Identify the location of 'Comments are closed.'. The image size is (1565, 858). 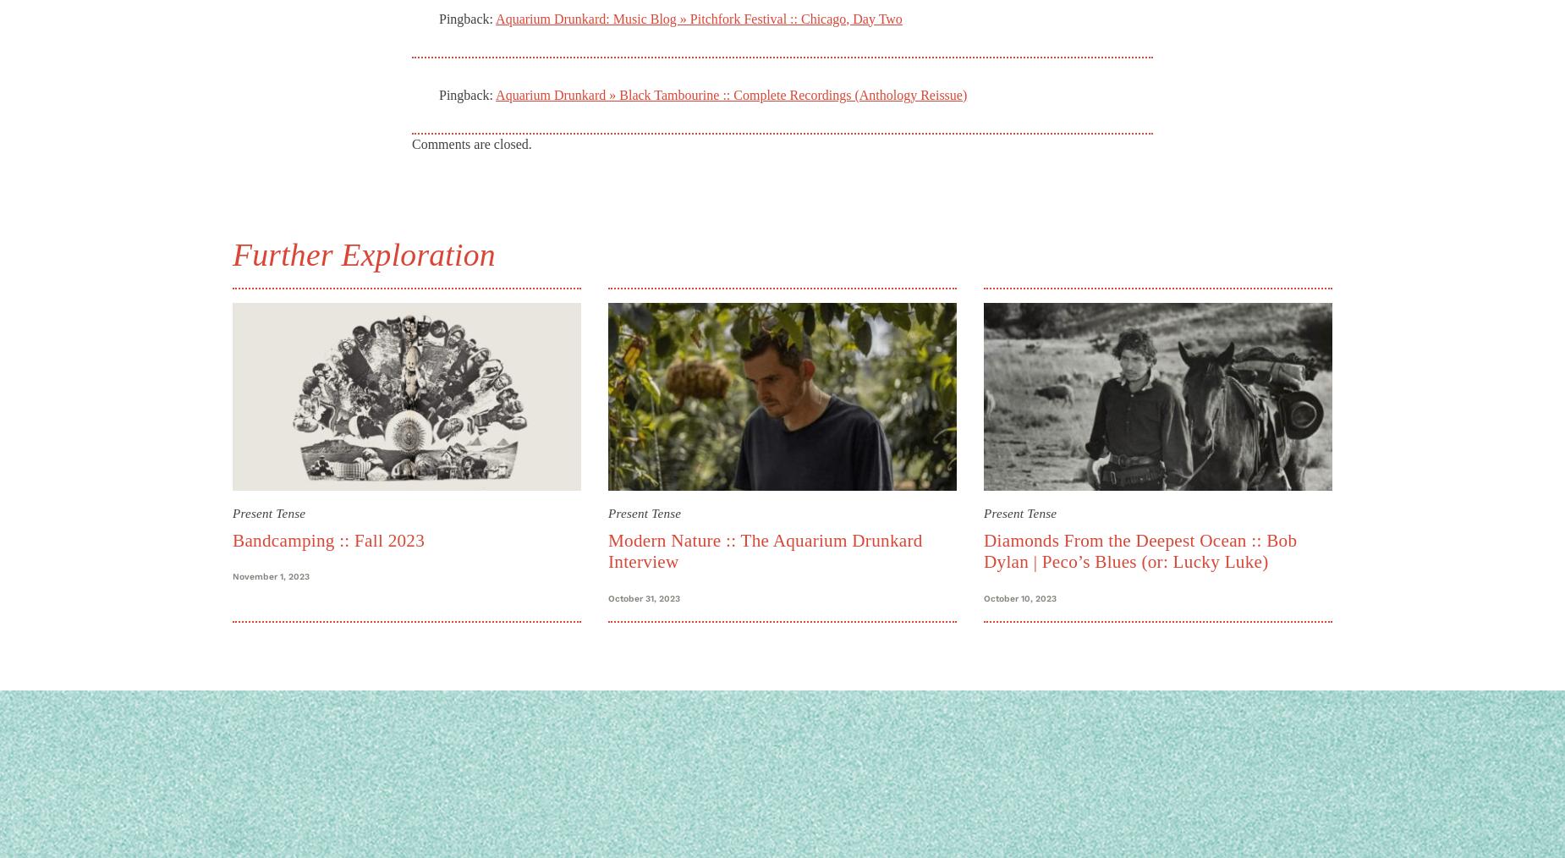
(471, 143).